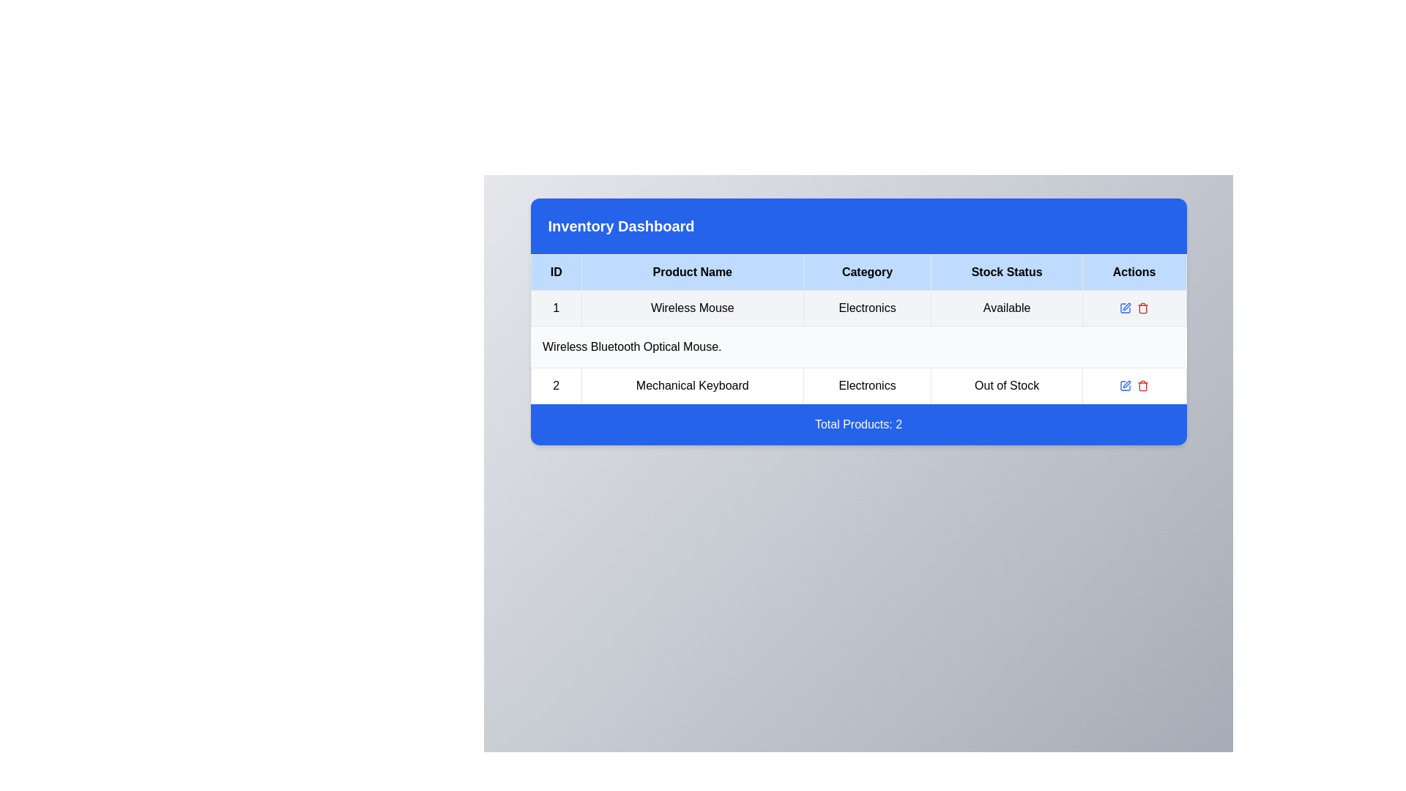 The width and height of the screenshot is (1406, 791). What do you see at coordinates (1134, 307) in the screenshot?
I see `the pencil icon in the Icon button group for the entry 'Wireless Mouse' in the Actions column` at bounding box center [1134, 307].